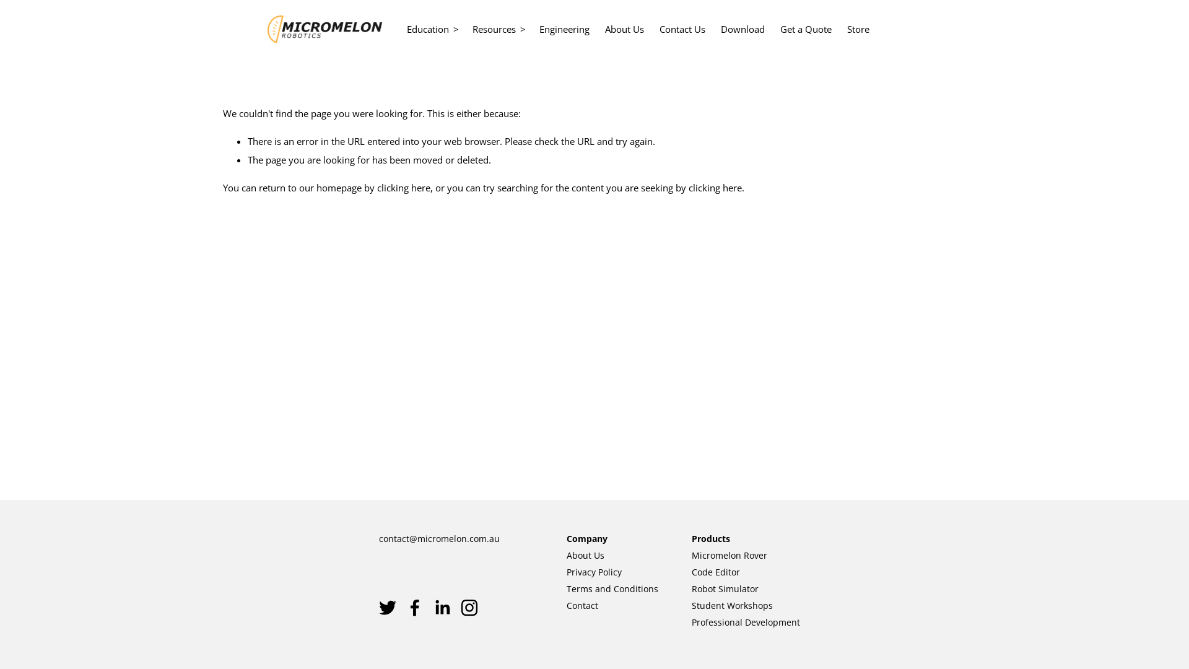 This screenshot has width=1189, height=669. Describe the element at coordinates (715, 188) in the screenshot. I see `'clicking here'` at that location.